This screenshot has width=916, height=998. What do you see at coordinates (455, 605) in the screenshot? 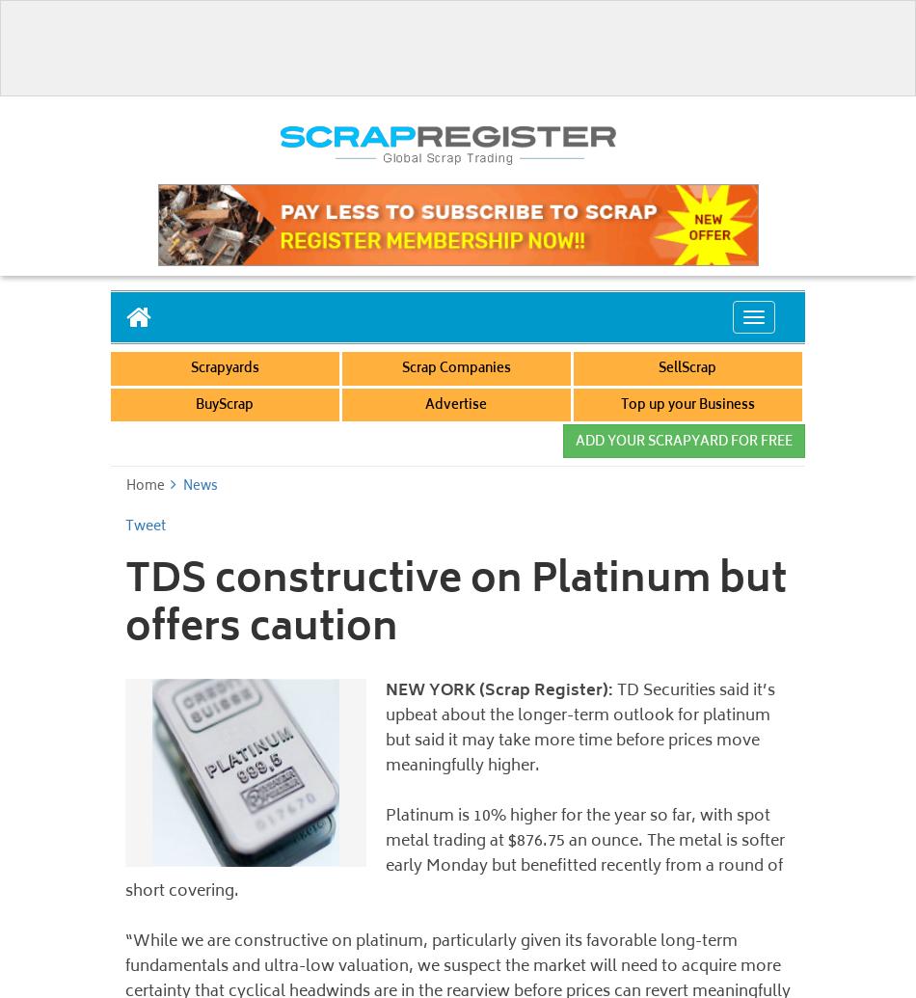
I see `'TDS constructive on Platinum but offers caution'` at bounding box center [455, 605].